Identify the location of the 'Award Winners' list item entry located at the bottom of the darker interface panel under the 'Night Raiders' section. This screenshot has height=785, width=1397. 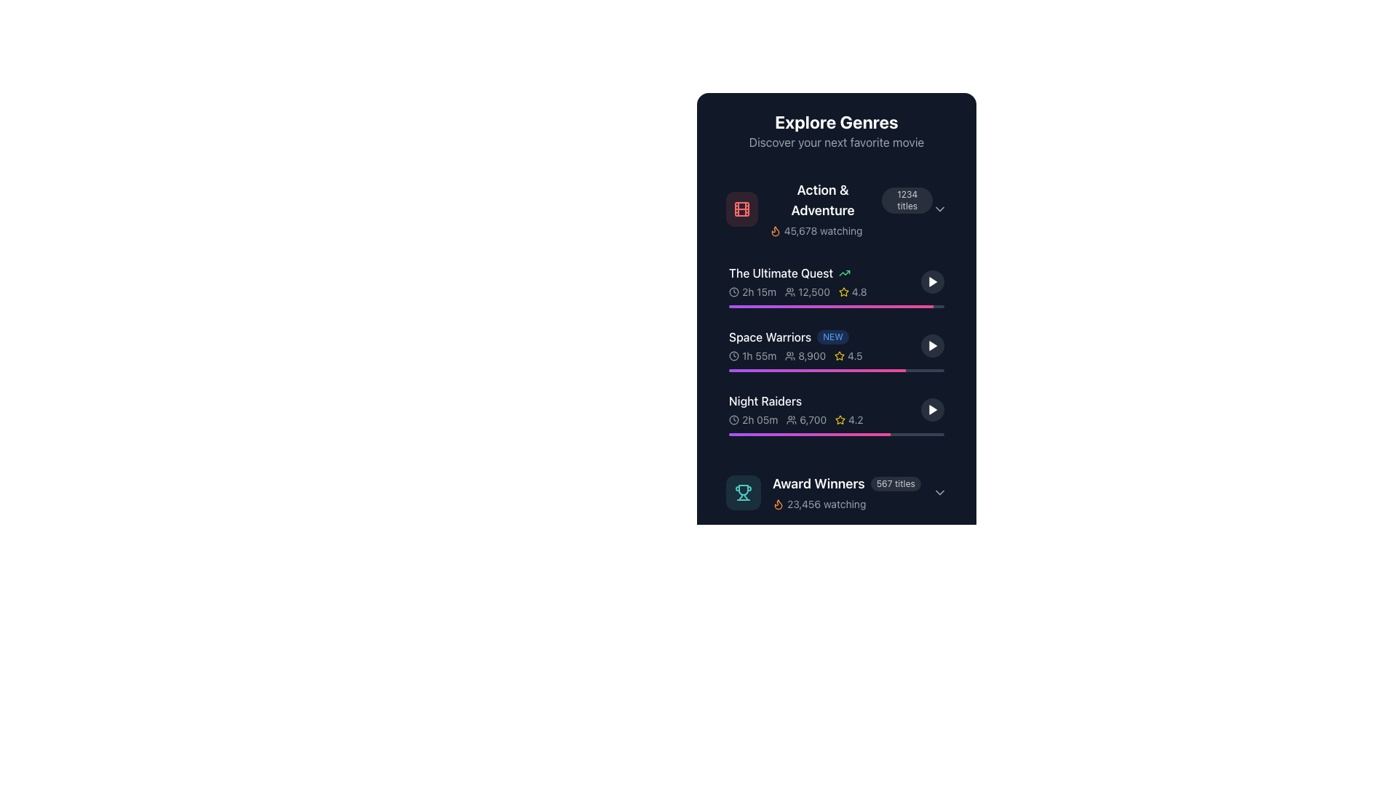
(829, 492).